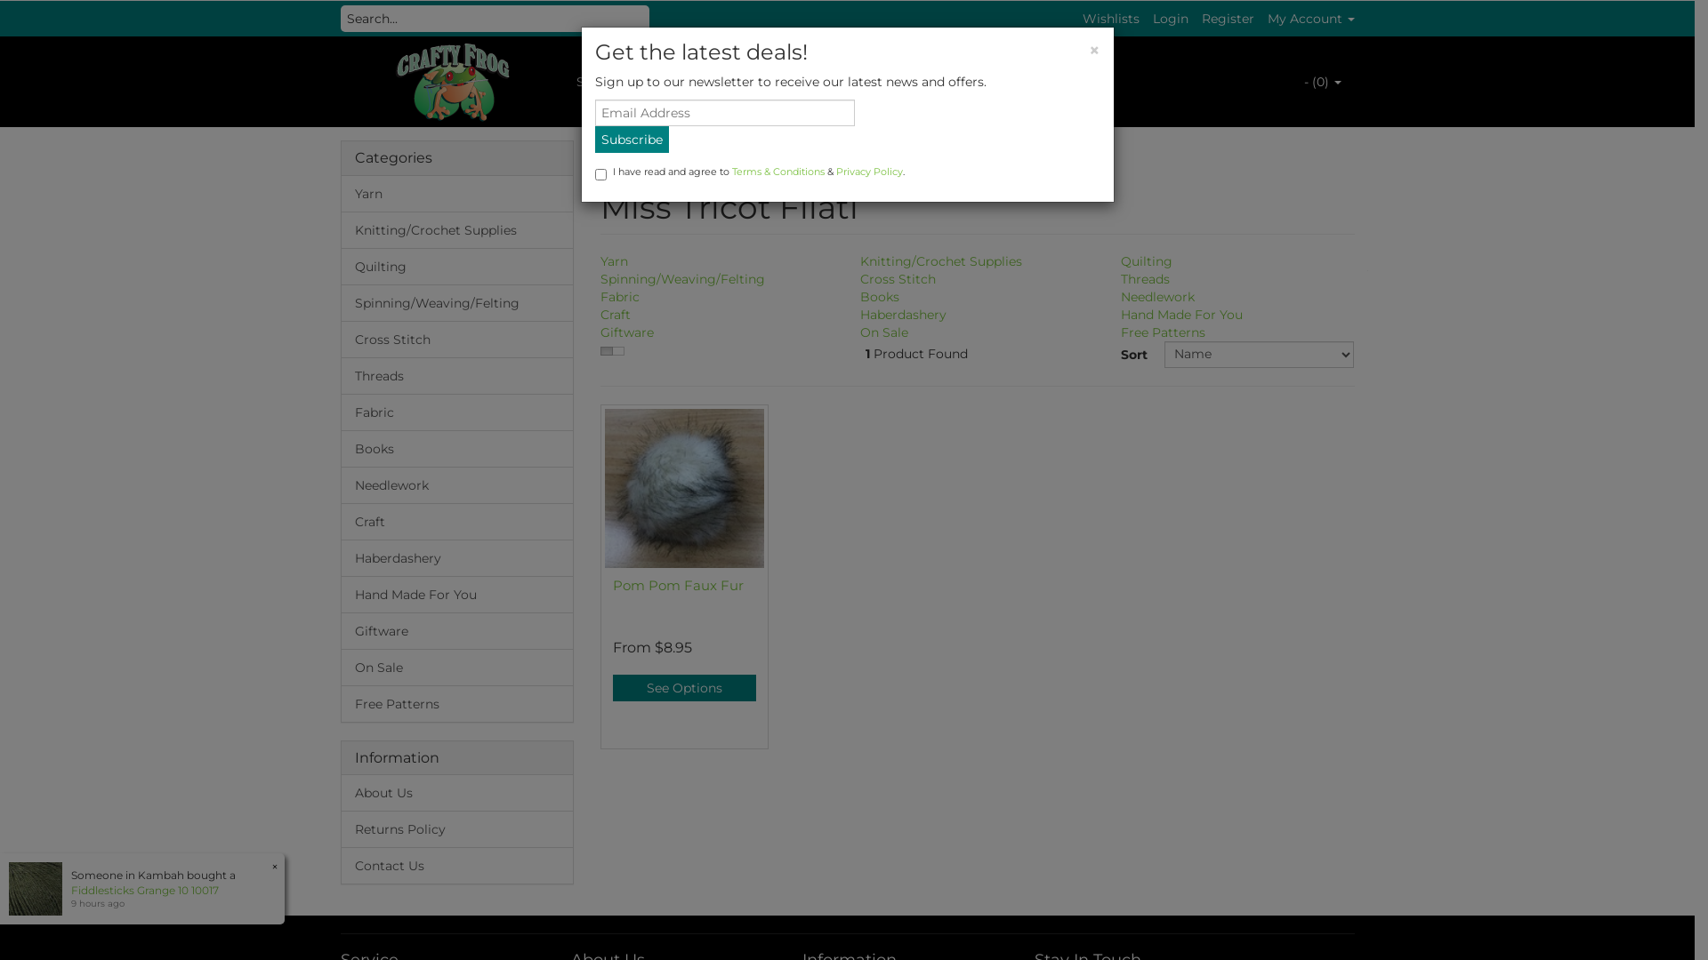 The width and height of the screenshot is (1708, 960). Describe the element at coordinates (342, 668) in the screenshot. I see `'On Sale'` at that location.